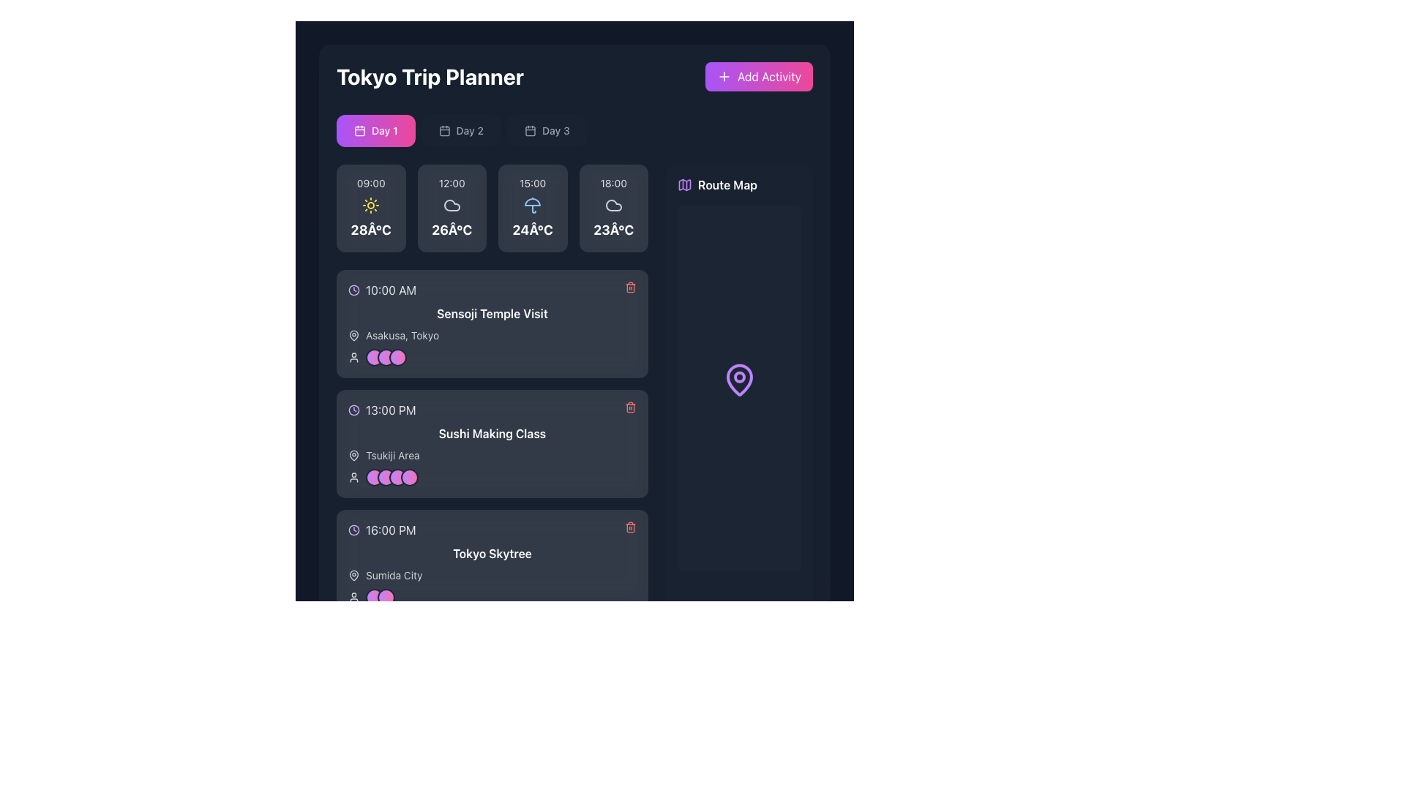 The height and width of the screenshot is (790, 1405). I want to click on the delete button located on the far right side of the row displaying '10:00 AM' to observe visual feedback, so click(631, 287).